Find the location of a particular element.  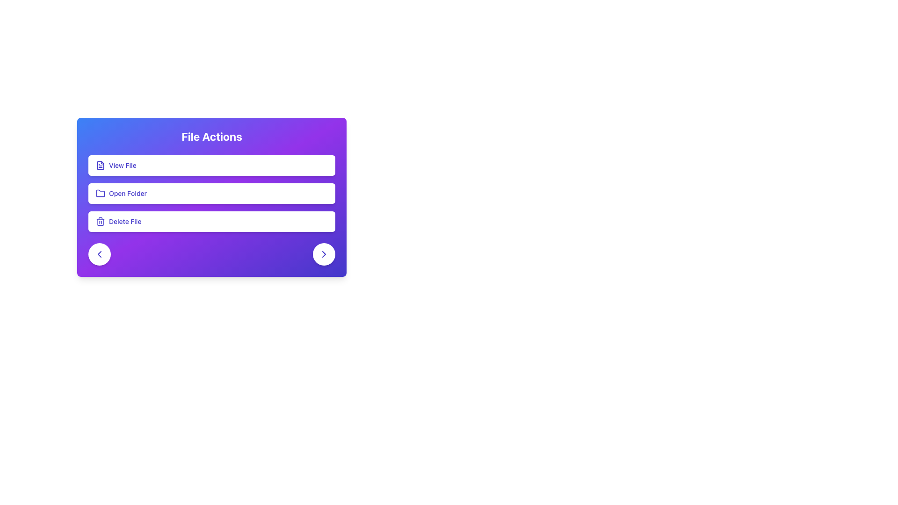

the 'View File' button, which features a file icon on the left and blue text is located at coordinates (116, 165).